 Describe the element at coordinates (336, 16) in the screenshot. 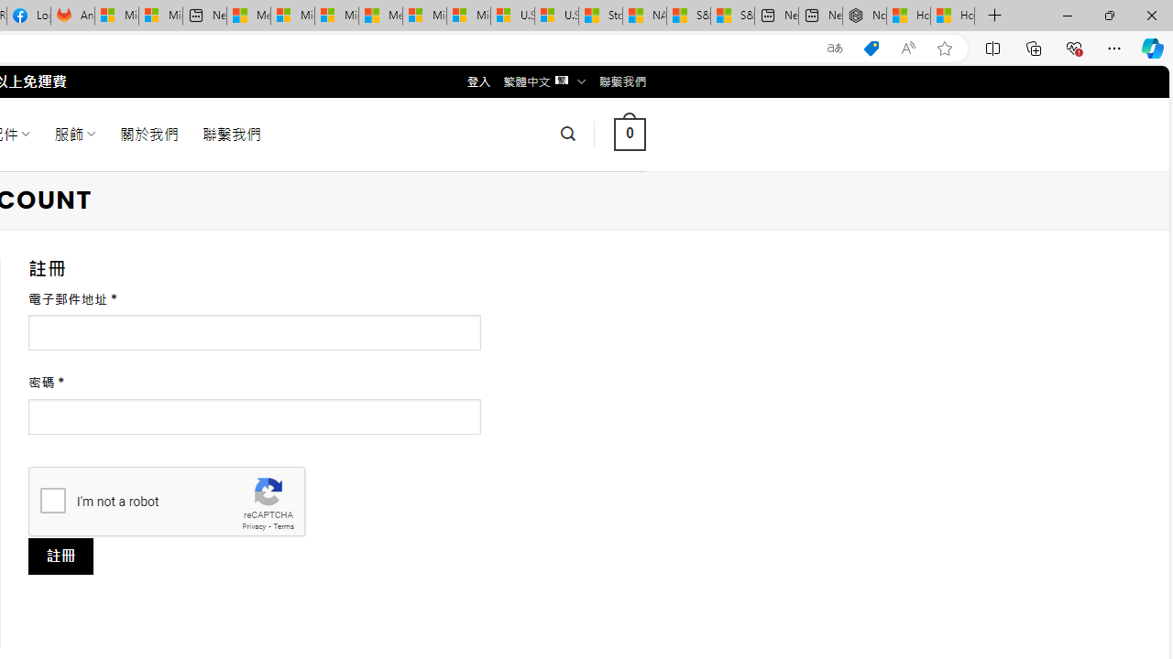

I see `'Microsoft account | Home'` at that location.